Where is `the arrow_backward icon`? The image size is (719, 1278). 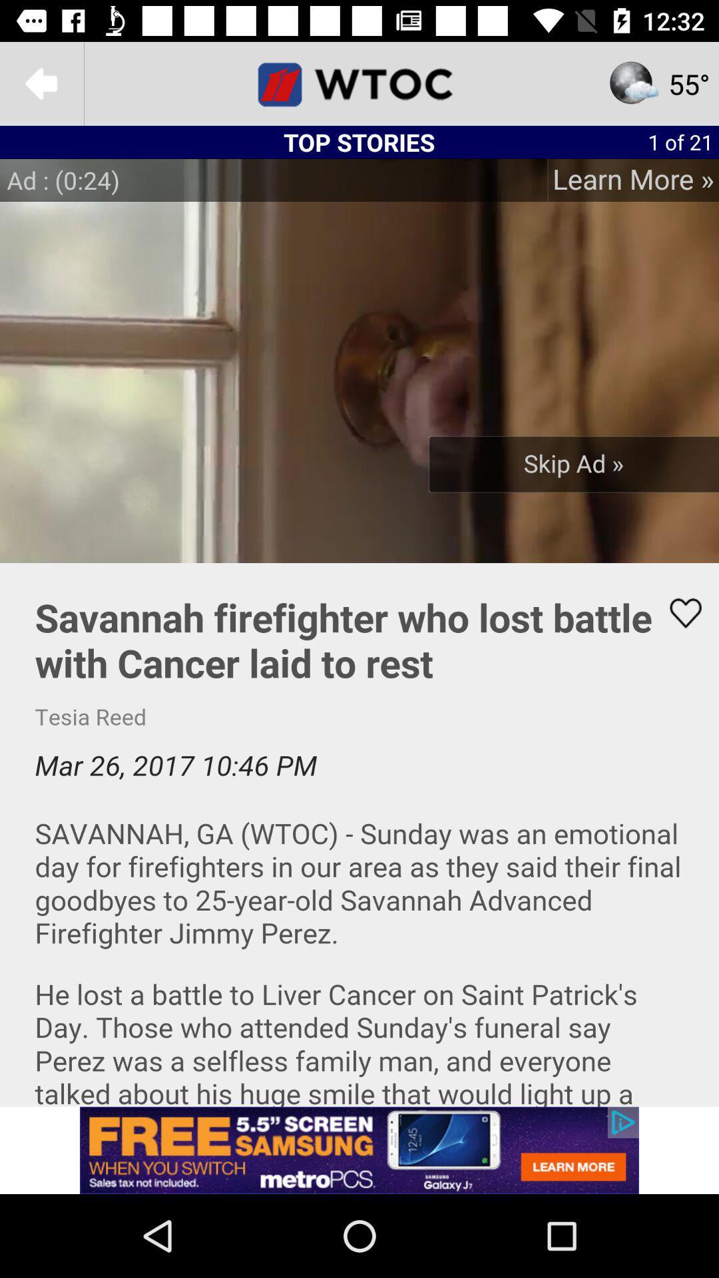
the arrow_backward icon is located at coordinates (41, 83).